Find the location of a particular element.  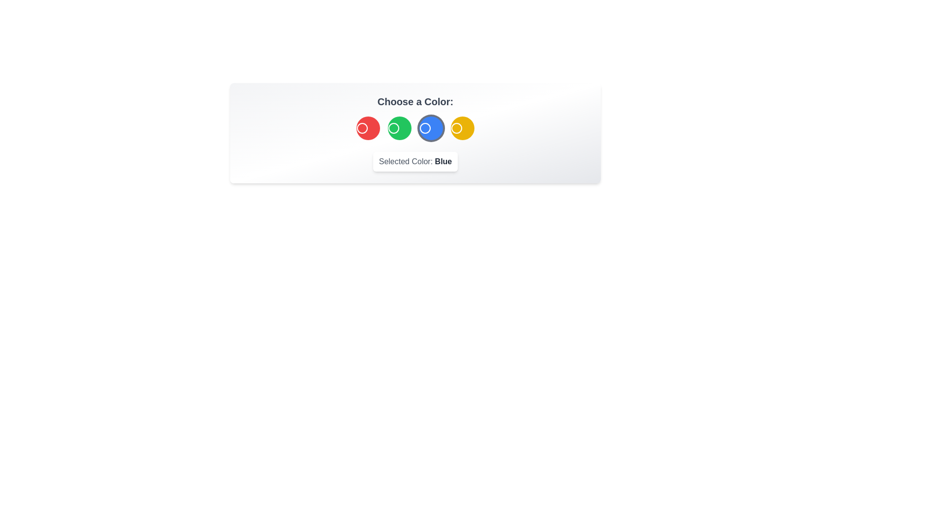

the color button corresponding to Red is located at coordinates (367, 128).